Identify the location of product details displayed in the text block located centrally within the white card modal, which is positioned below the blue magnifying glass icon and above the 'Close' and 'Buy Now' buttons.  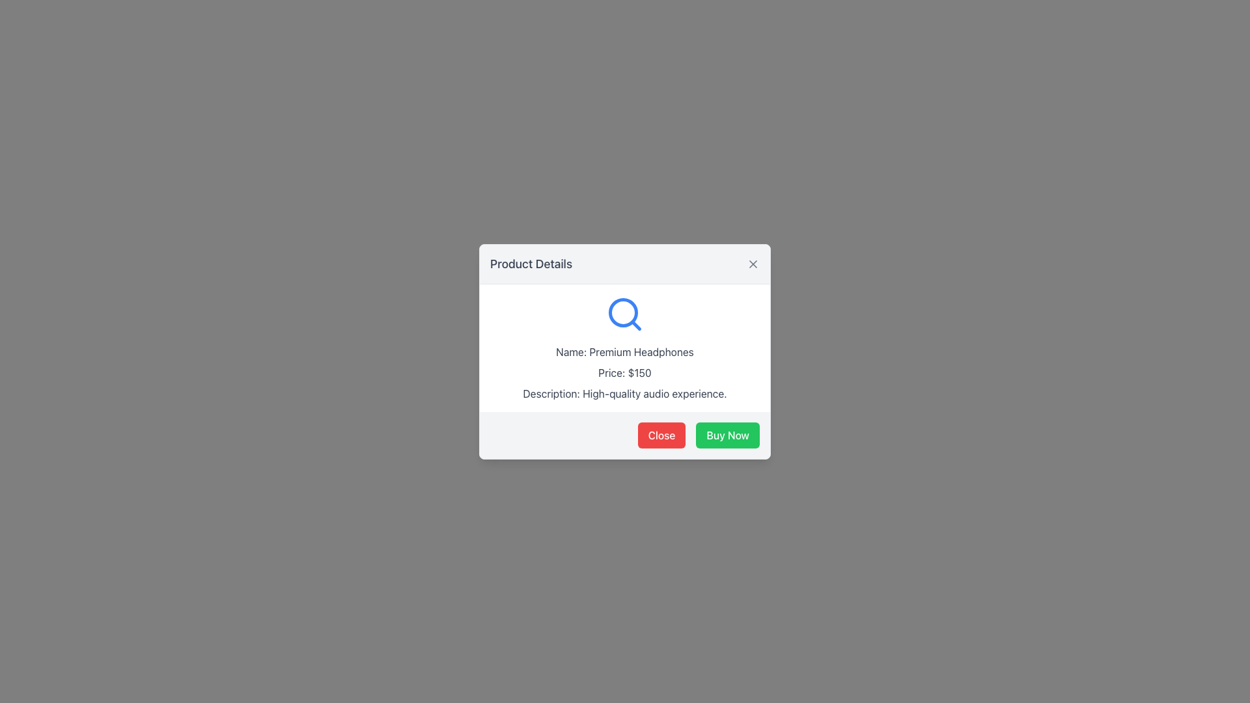
(625, 347).